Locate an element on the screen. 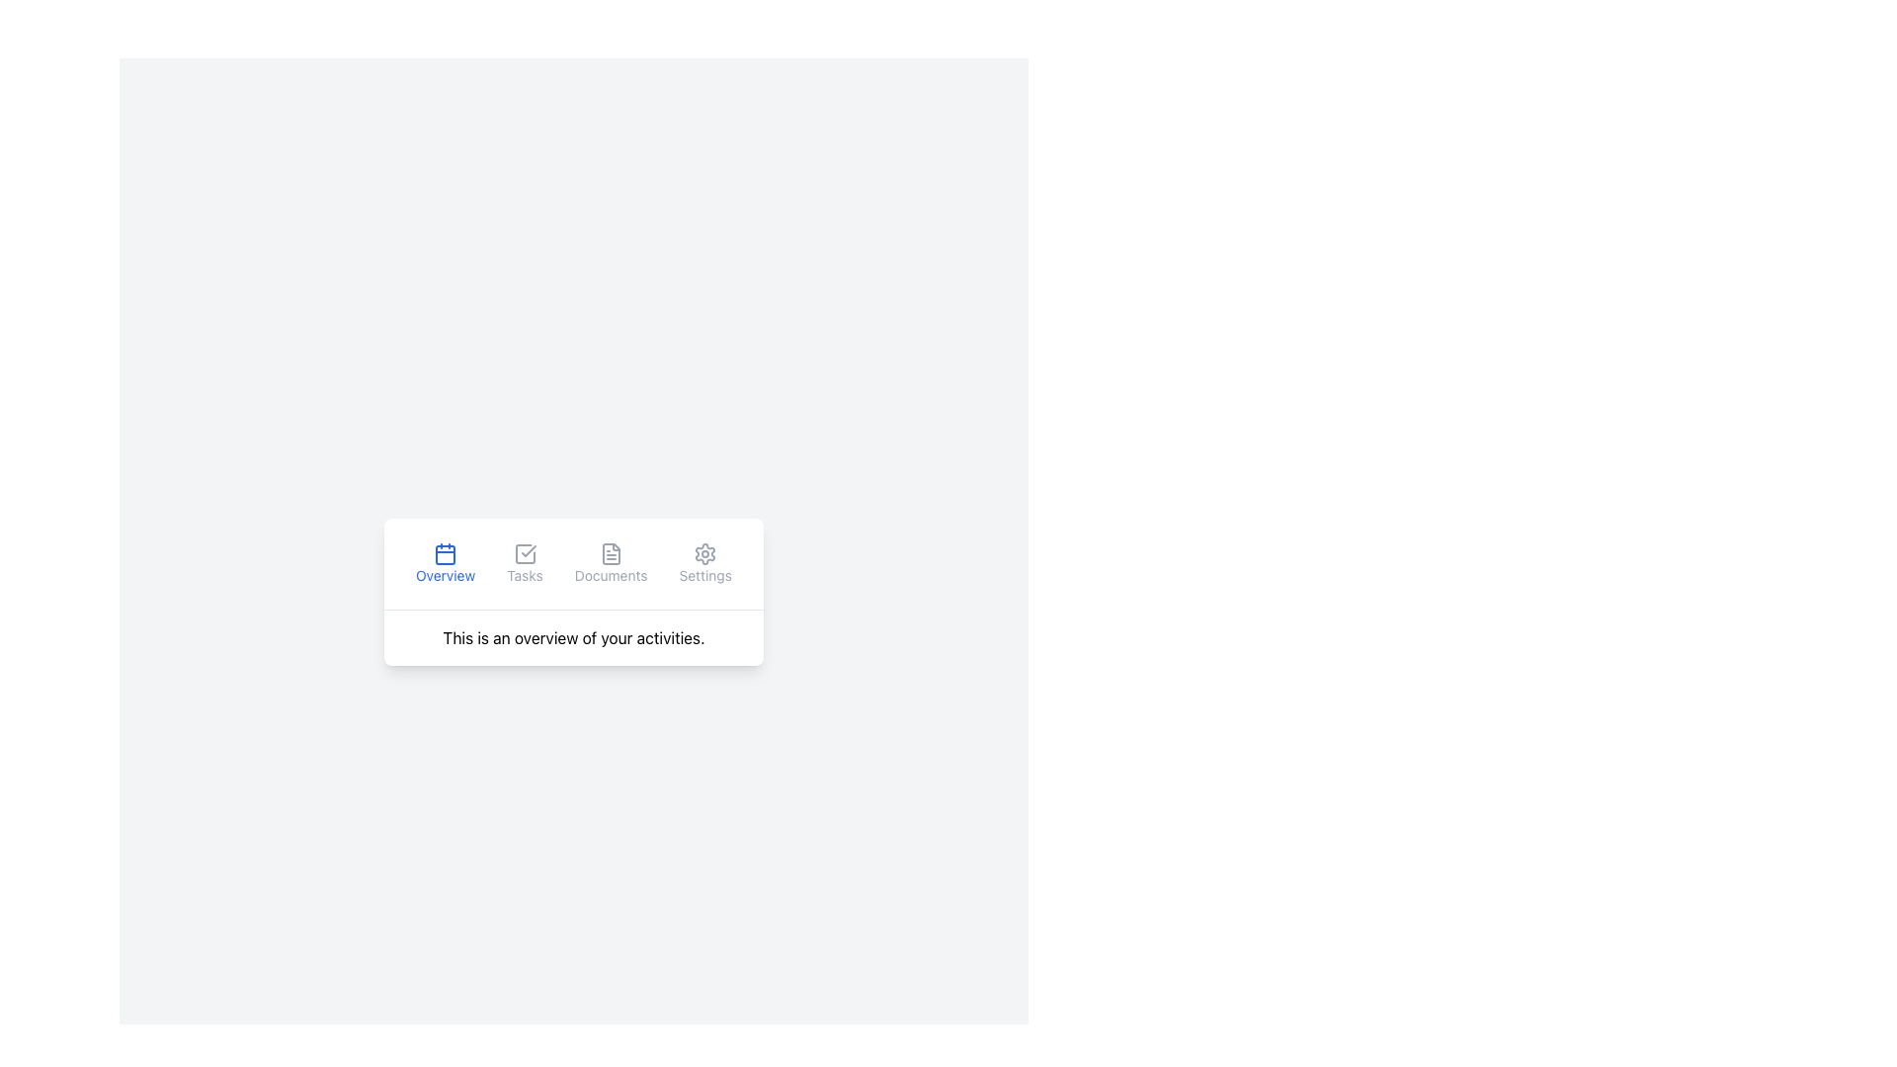 This screenshot has height=1067, width=1897. the square-shaped icon with a checkmark above the text 'Tasks' in the navigation bar is located at coordinates (525, 553).